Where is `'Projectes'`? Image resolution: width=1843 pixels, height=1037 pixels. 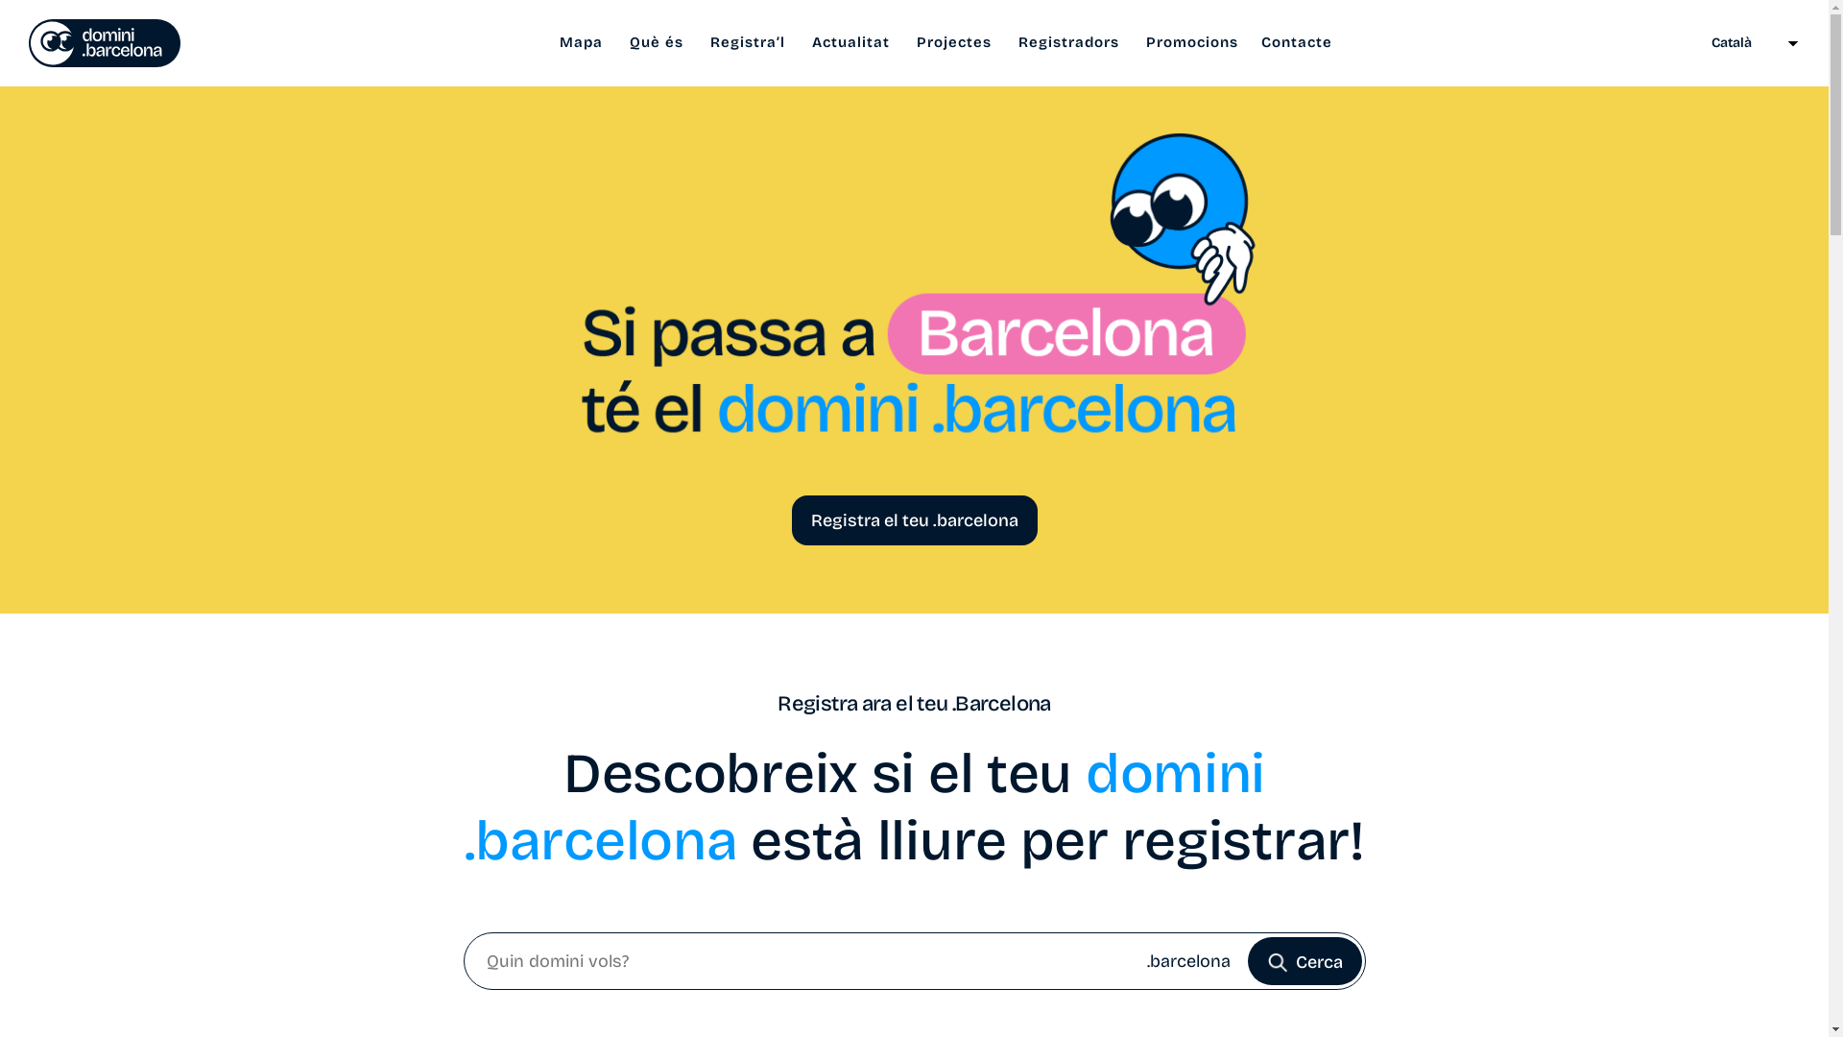
'Projectes' is located at coordinates (953, 42).